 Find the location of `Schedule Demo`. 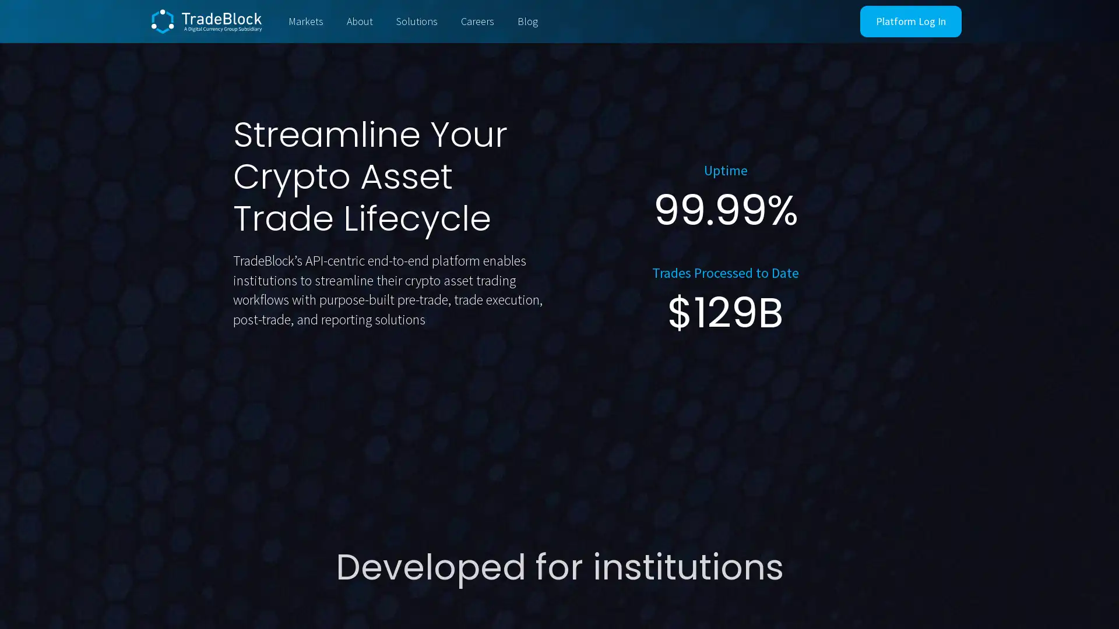

Schedule Demo is located at coordinates (294, 385).